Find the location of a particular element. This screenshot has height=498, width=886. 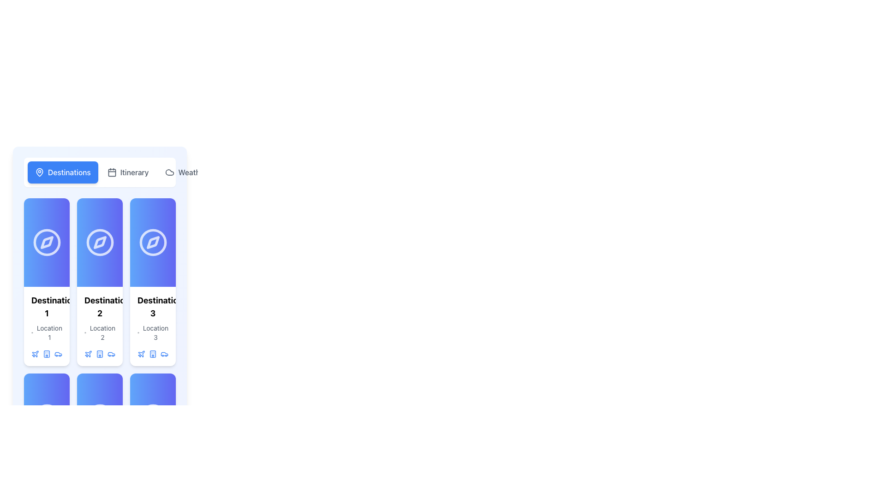

the circular icon with a compass design located in the third card column above the 'Destination 3' label is located at coordinates (153, 242).